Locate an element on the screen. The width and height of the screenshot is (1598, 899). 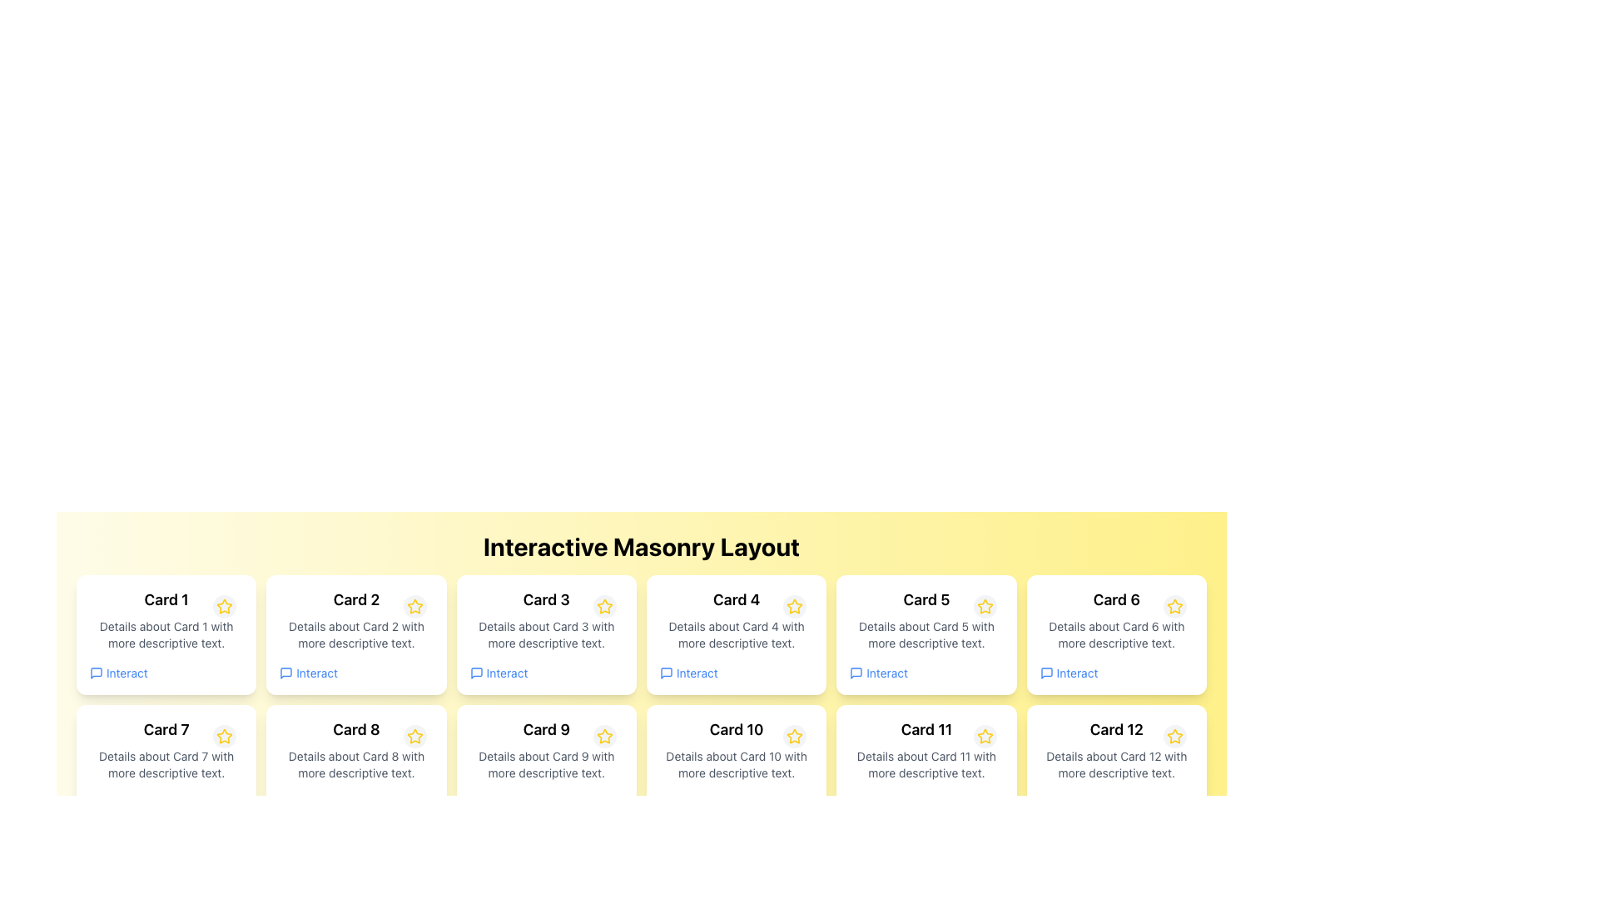
the interactive link located at the bottom of 'Card 8' is located at coordinates (309, 802).